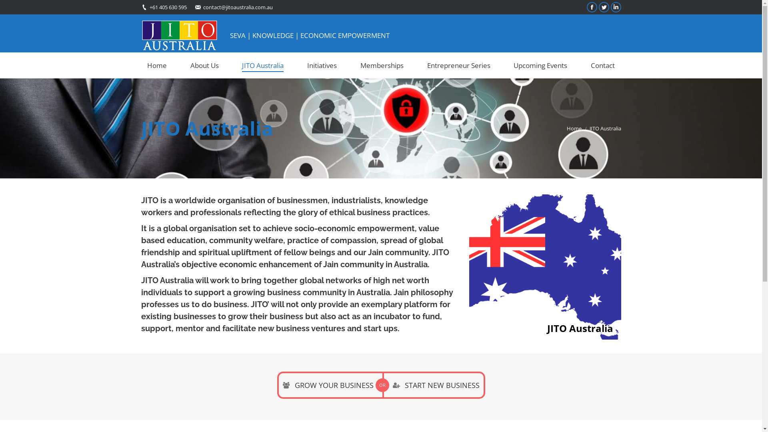  What do you see at coordinates (382, 65) in the screenshot?
I see `'Memberships'` at bounding box center [382, 65].